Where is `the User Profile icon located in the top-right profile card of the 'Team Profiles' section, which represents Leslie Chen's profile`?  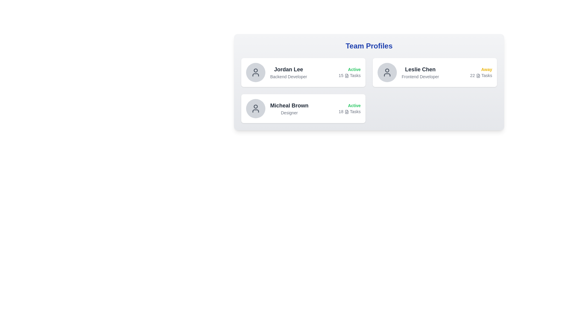
the User Profile icon located in the top-right profile card of the 'Team Profiles' section, which represents Leslie Chen's profile is located at coordinates (387, 72).